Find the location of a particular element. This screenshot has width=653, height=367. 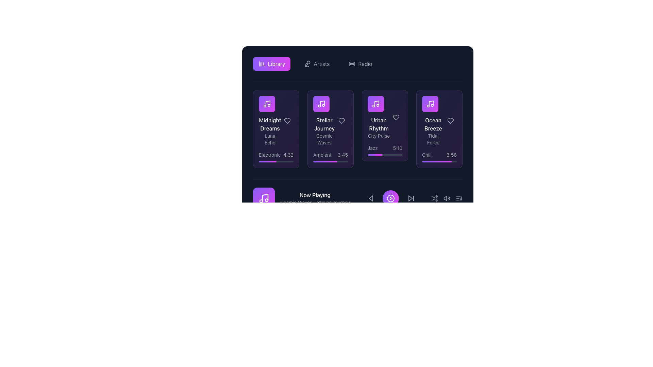

the label displaying '3:45' in a light-colored, sans-serif font located in the bottom-right corner of the 'Stellar Journey' music card is located at coordinates (343, 155).